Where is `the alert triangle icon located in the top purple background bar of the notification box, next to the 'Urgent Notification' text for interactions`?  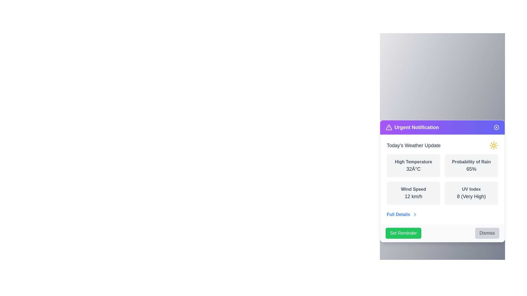 the alert triangle icon located in the top purple background bar of the notification box, next to the 'Urgent Notification' text for interactions is located at coordinates (388, 127).